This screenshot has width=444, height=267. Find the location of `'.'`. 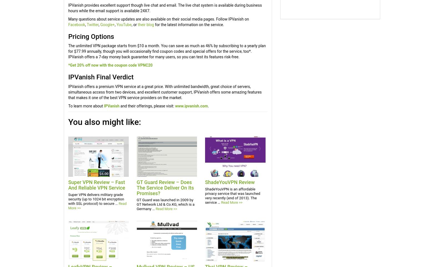

'.' is located at coordinates (208, 105).